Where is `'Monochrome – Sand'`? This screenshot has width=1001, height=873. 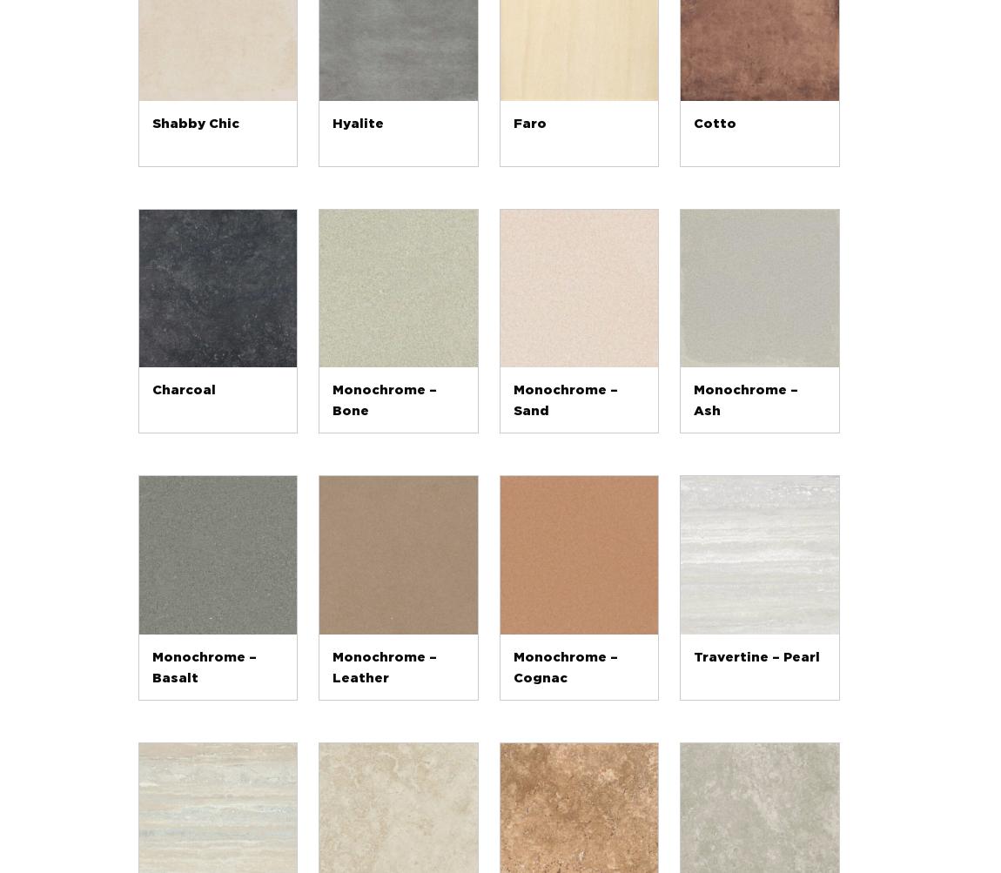
'Monochrome – Sand' is located at coordinates (563, 400).